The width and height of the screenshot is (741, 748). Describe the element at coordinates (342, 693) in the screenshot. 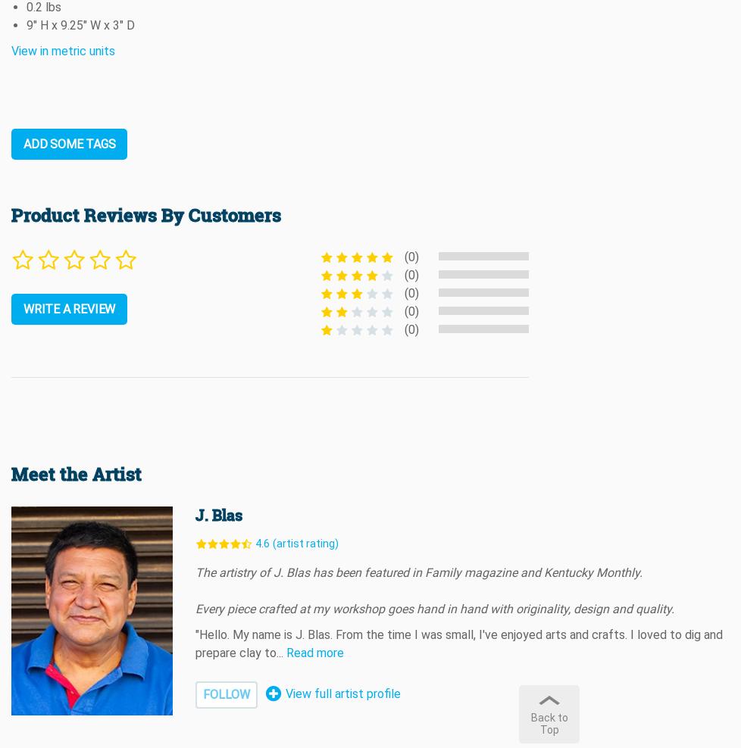

I see `'View full artist profile'` at that location.